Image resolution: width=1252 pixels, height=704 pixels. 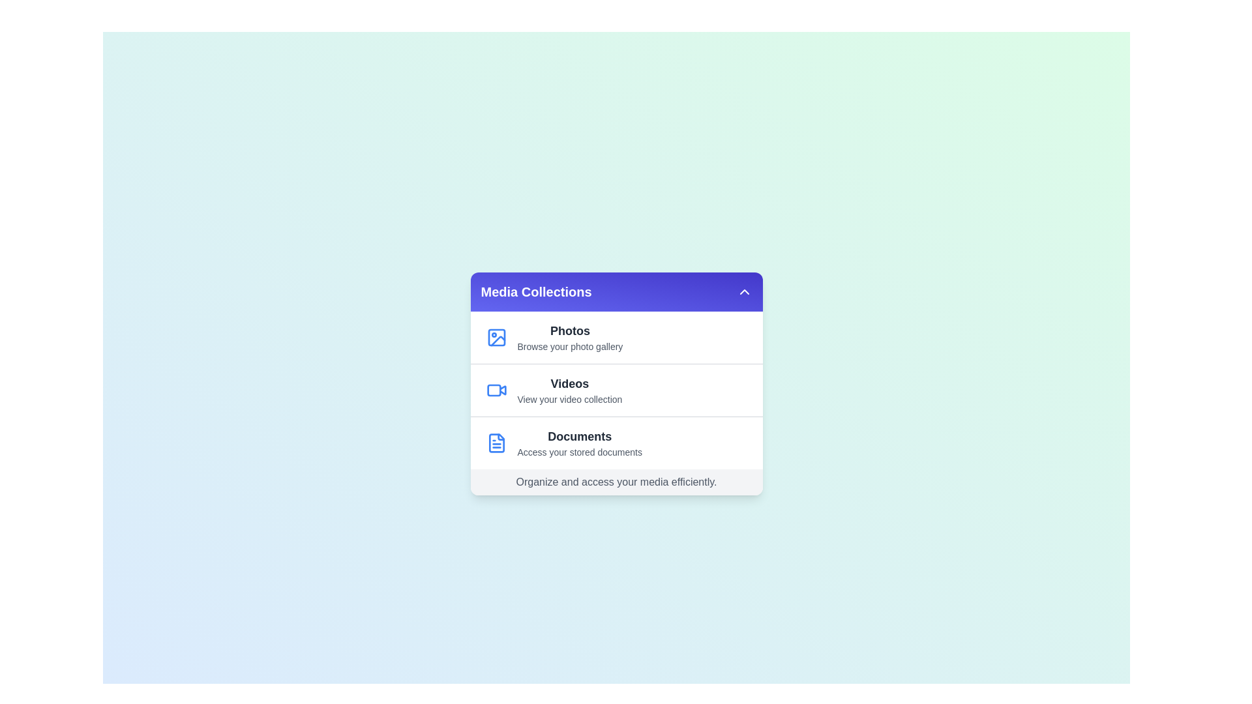 I want to click on the menu option Photos to observe its hover effect or tooltip, so click(x=616, y=336).